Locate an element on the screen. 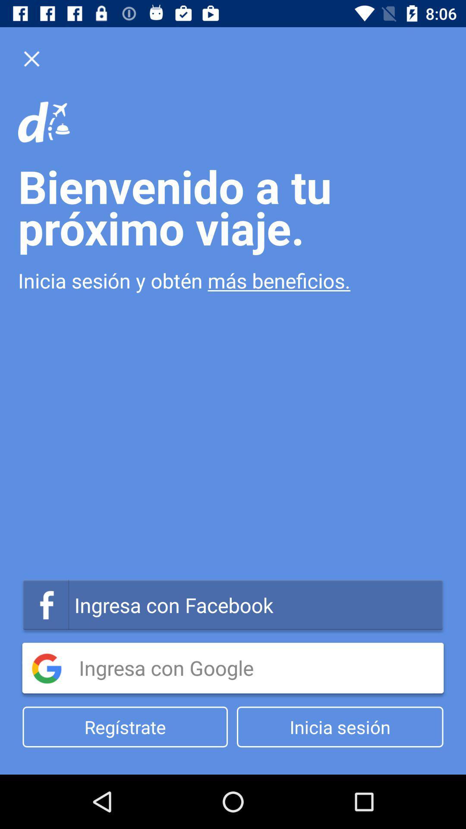  the item below the bienvenido a tu icon is located at coordinates (233, 280).